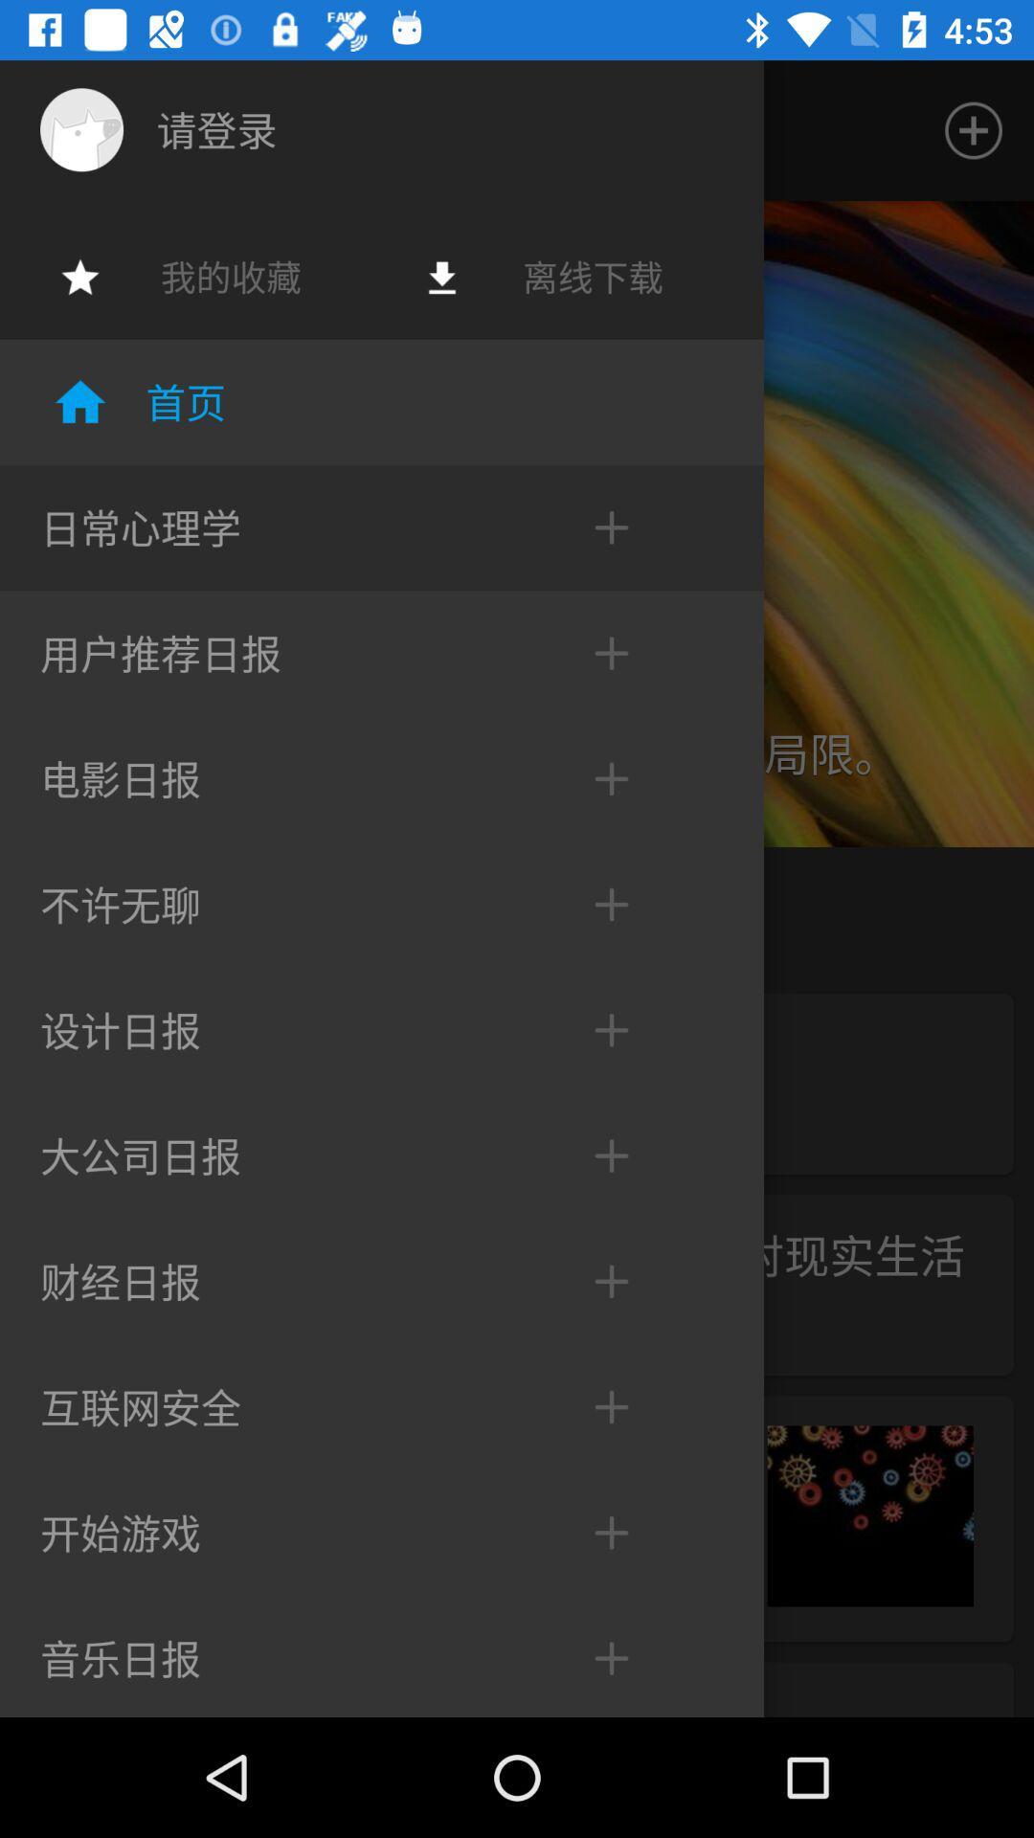 This screenshot has width=1034, height=1838. What do you see at coordinates (974, 130) in the screenshot?
I see `the plus icon on the top right` at bounding box center [974, 130].